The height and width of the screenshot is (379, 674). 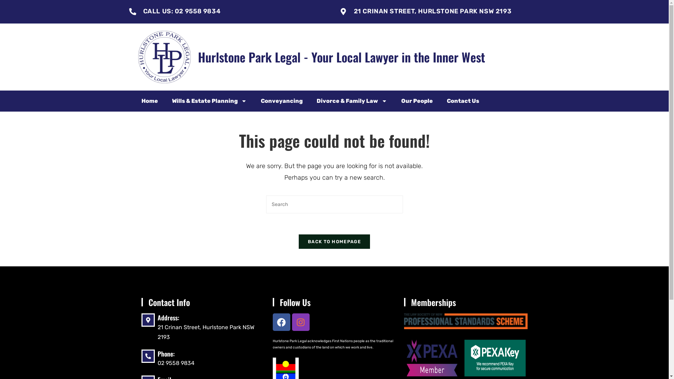 What do you see at coordinates (463, 101) in the screenshot?
I see `'Contact Us'` at bounding box center [463, 101].